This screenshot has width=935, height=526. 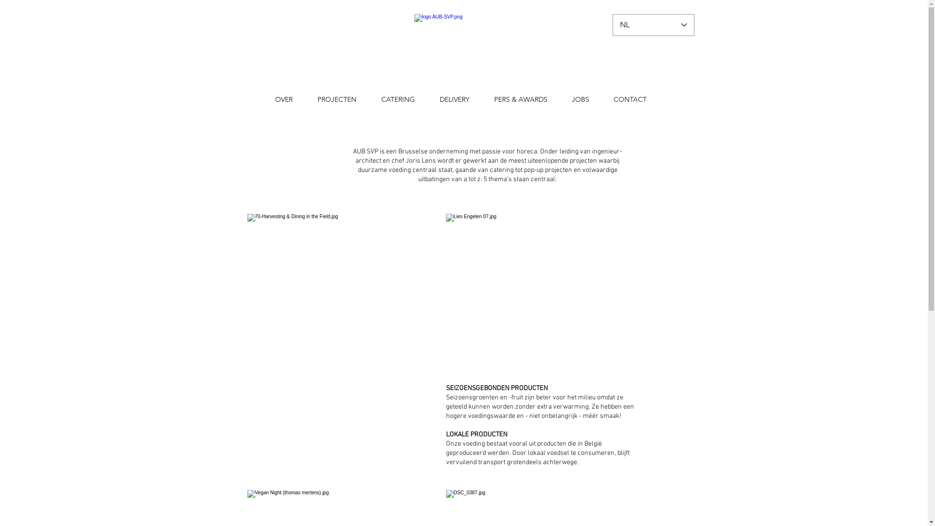 What do you see at coordinates (283, 99) in the screenshot?
I see `'OVER'` at bounding box center [283, 99].